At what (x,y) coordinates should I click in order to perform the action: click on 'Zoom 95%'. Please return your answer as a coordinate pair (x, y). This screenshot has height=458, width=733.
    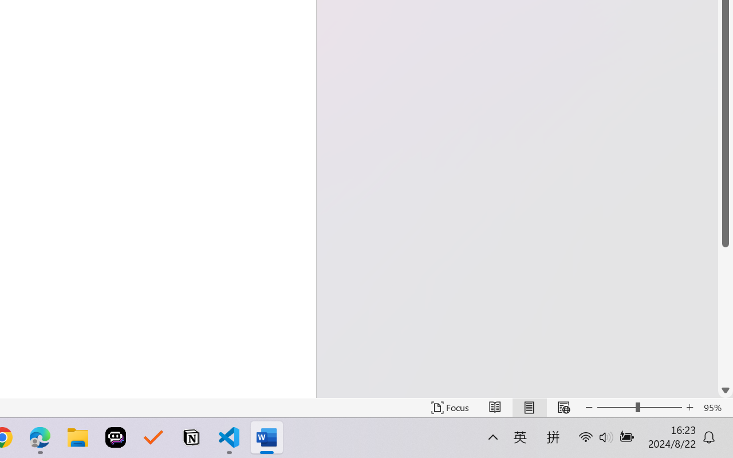
    Looking at the image, I should click on (715, 407).